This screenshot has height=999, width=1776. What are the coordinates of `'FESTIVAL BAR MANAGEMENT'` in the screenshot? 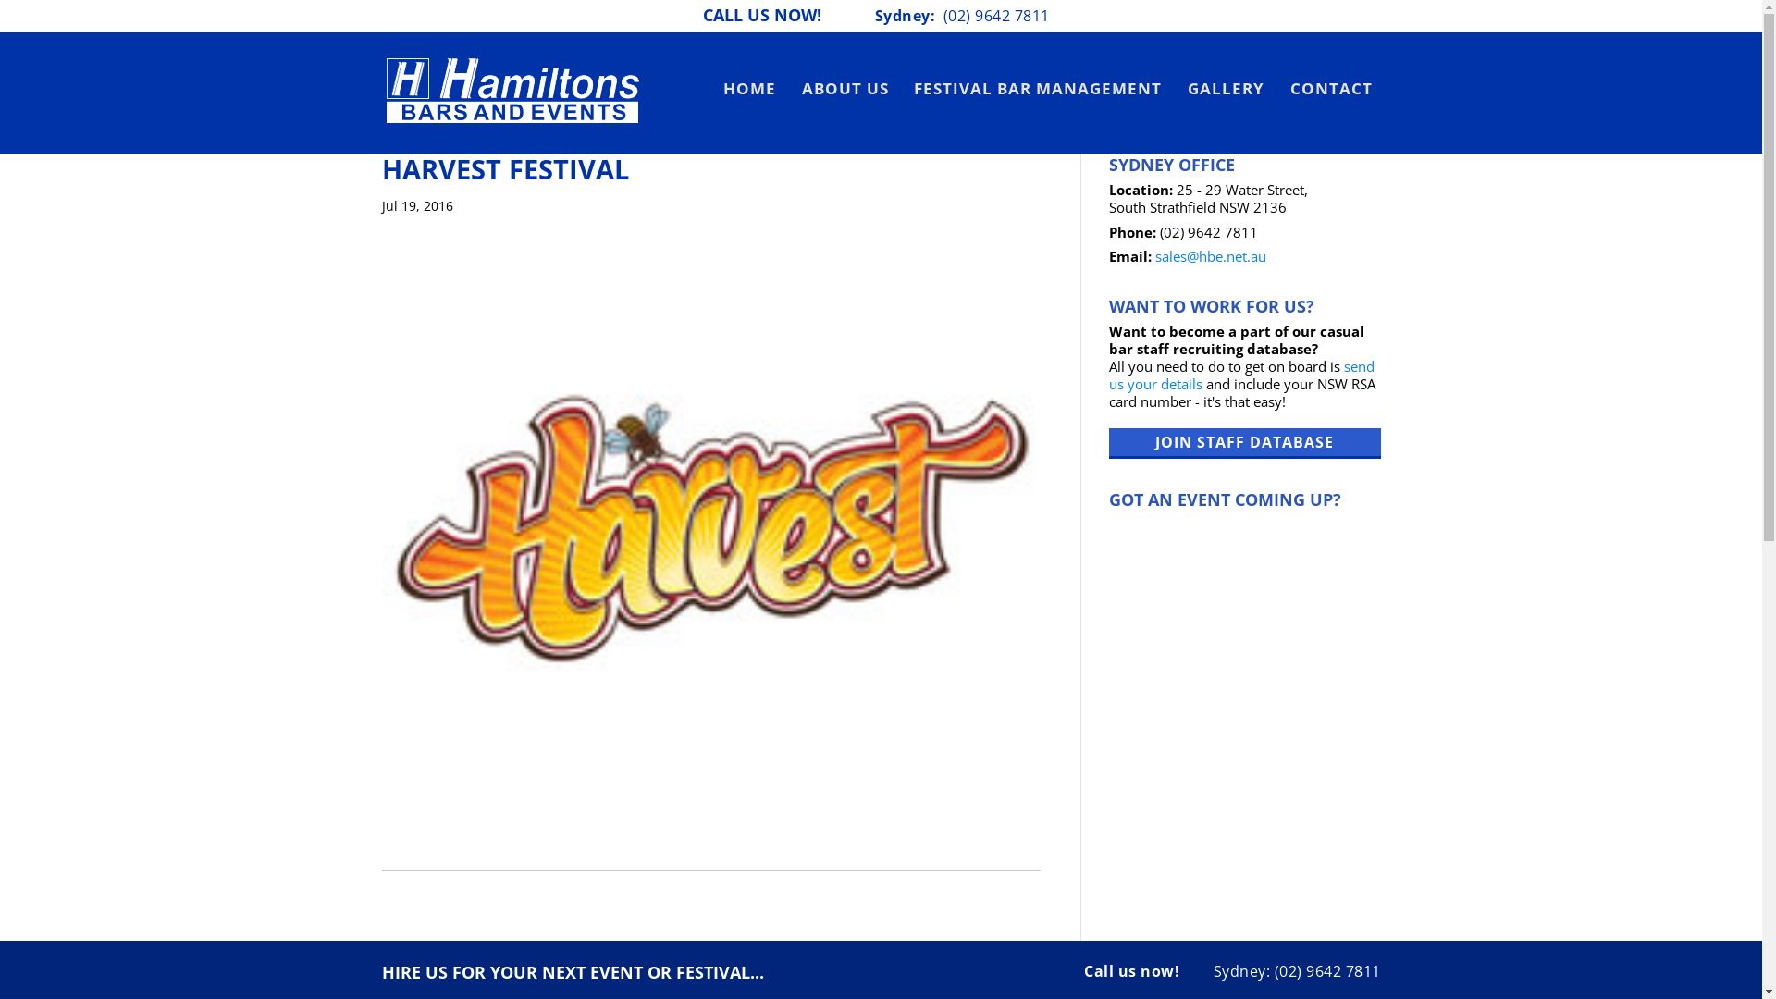 It's located at (1038, 91).